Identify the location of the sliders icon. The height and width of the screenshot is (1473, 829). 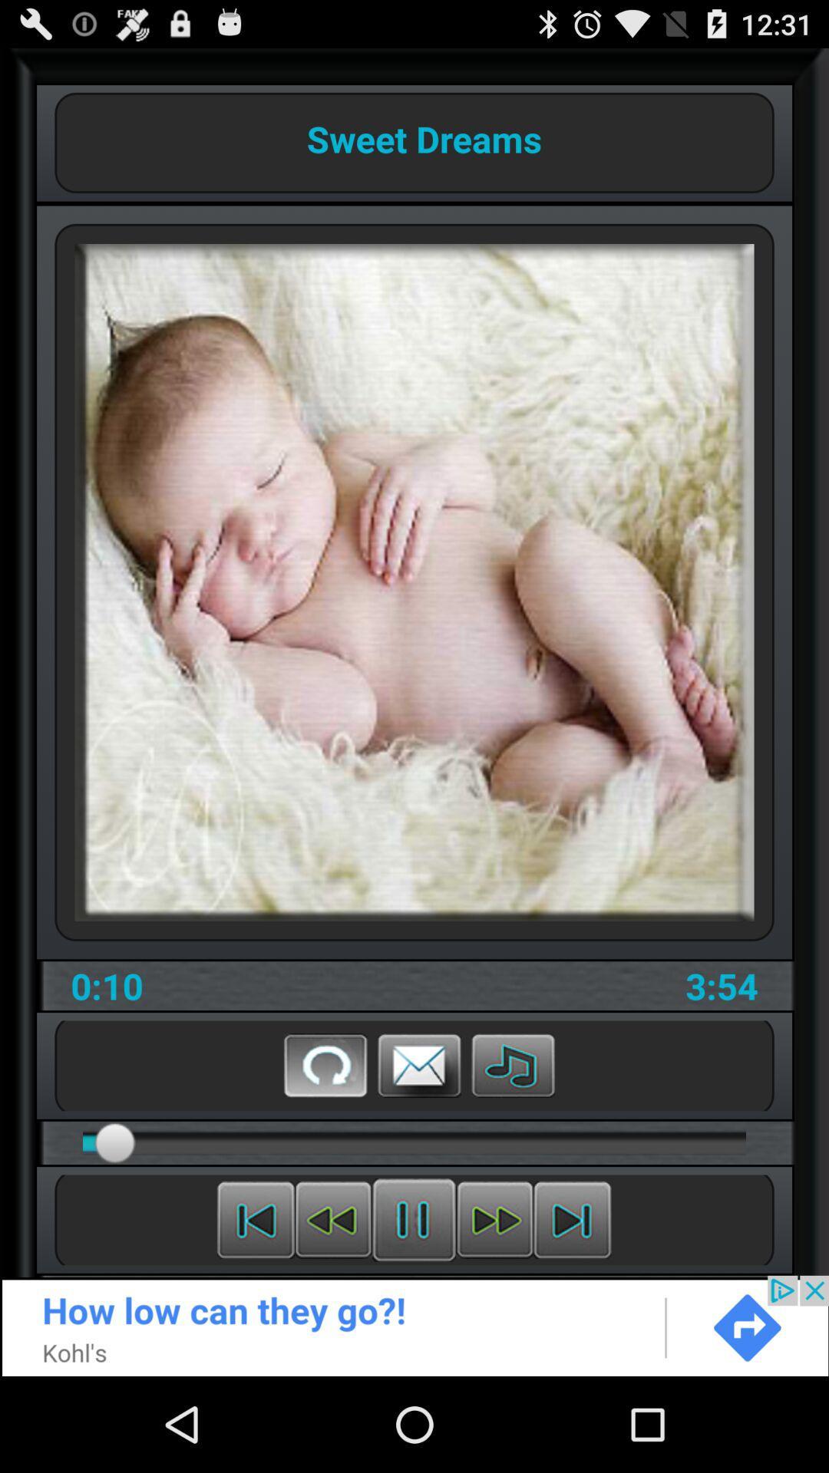
(413, 1305).